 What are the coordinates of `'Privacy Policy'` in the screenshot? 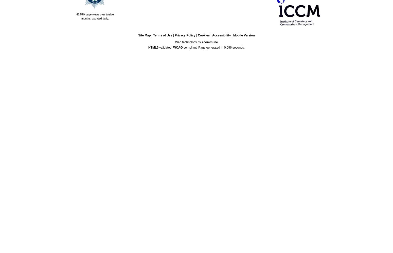 It's located at (185, 35).